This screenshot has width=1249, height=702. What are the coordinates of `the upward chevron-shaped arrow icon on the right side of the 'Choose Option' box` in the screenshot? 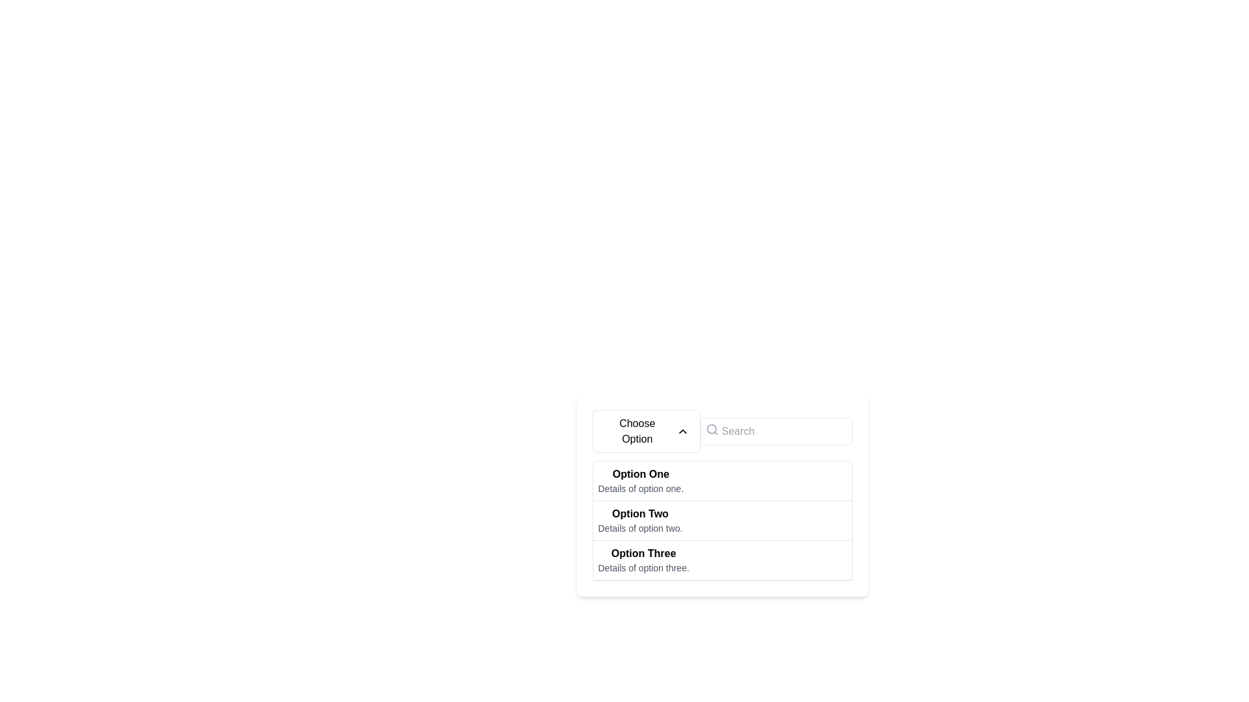 It's located at (682, 431).